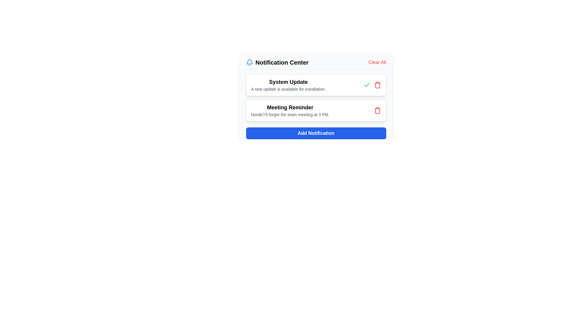 Image resolution: width=570 pixels, height=320 pixels. I want to click on the red trash bin icon button located, so click(377, 85).